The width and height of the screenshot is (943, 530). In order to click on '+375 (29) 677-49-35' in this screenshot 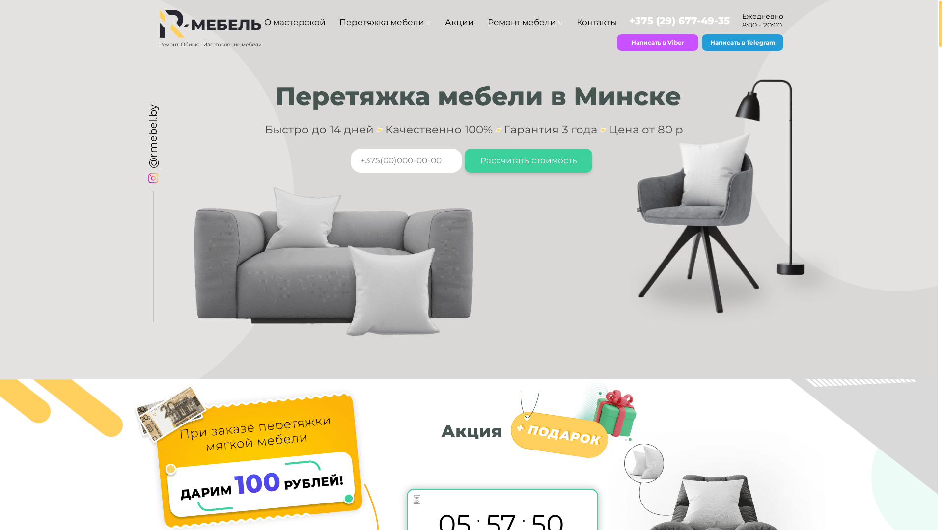, I will do `click(679, 21)`.